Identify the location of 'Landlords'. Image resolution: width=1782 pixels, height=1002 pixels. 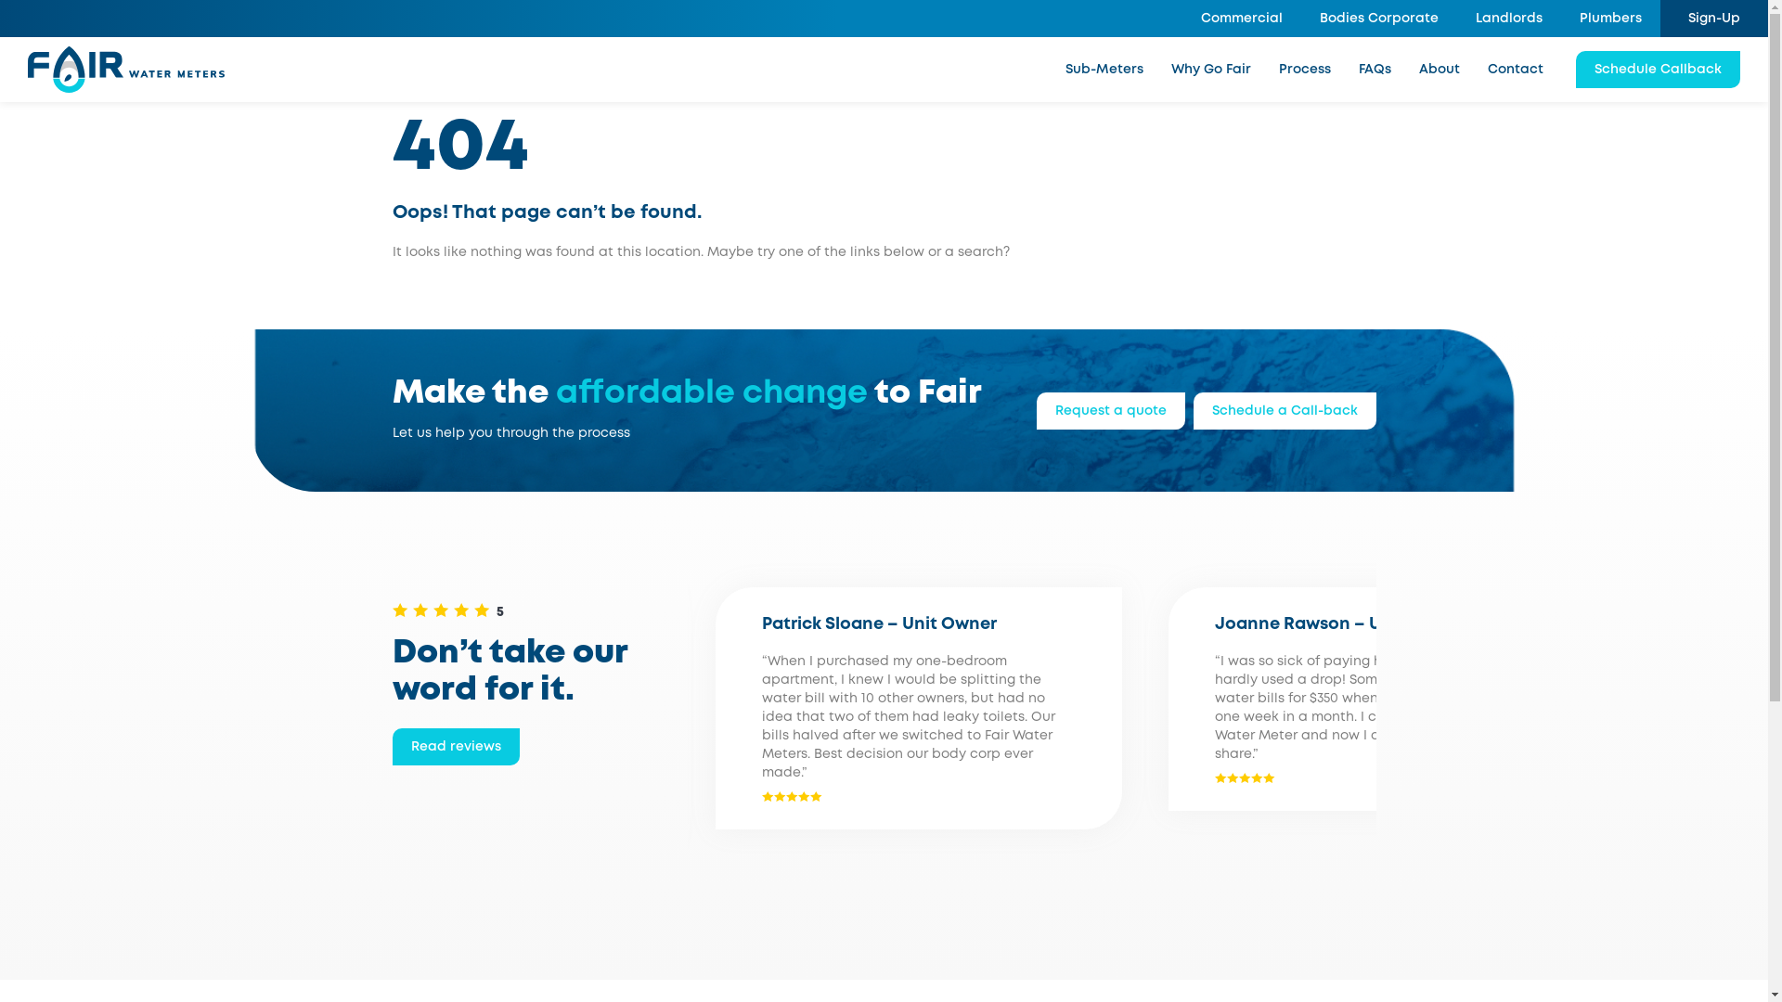
(1509, 18).